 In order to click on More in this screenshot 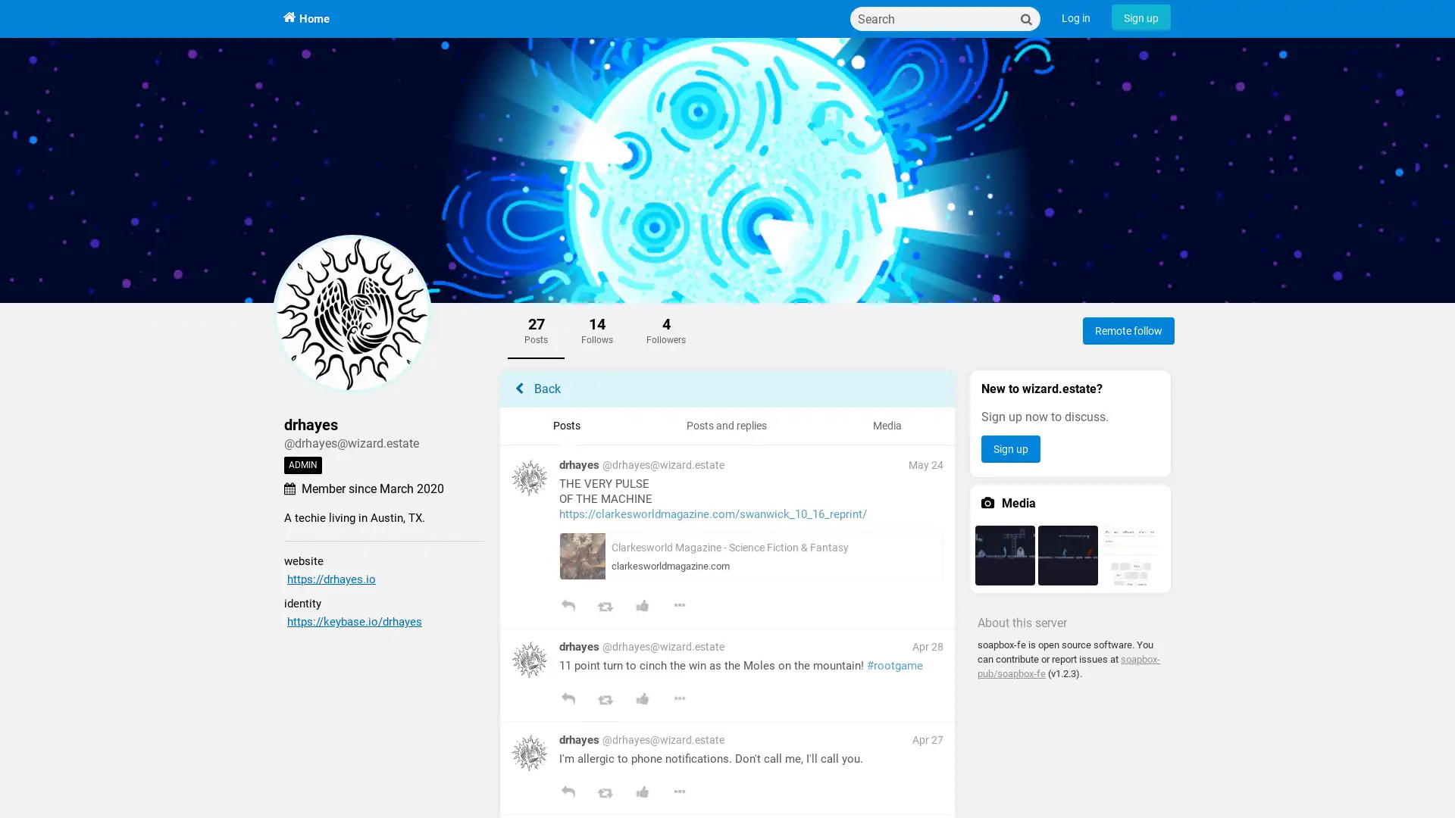, I will do `click(678, 793)`.